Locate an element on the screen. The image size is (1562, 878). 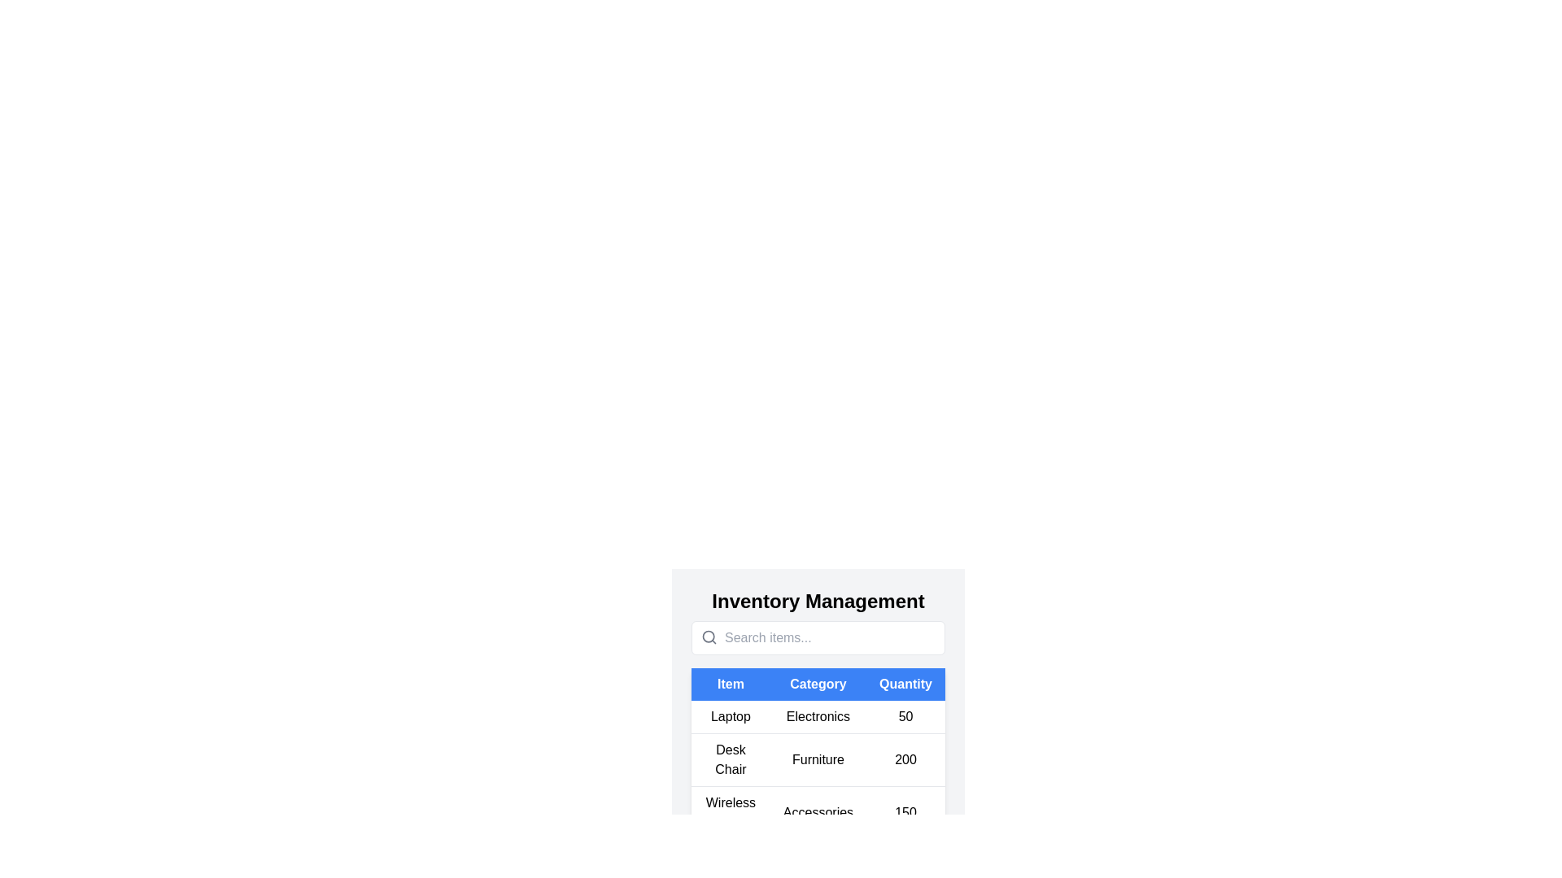
the table header Item to sort the table by that column is located at coordinates (729, 684).